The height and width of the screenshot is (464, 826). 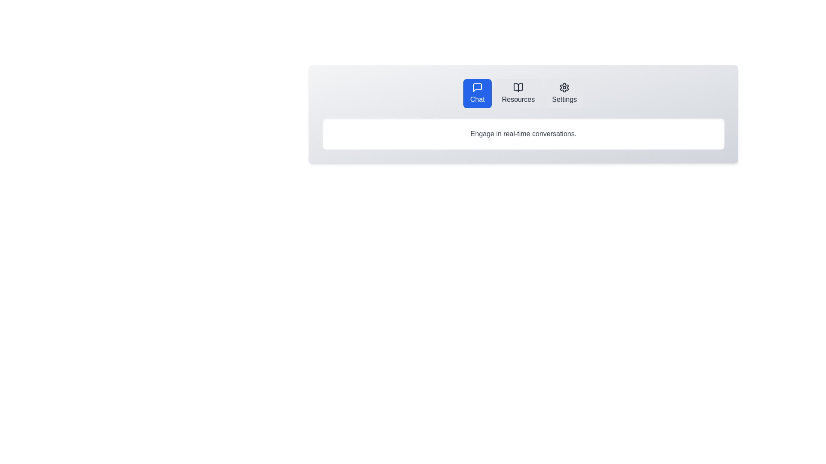 I want to click on the 'Chat' button with a bright blue background and white text located in the top navigation bar, so click(x=477, y=94).